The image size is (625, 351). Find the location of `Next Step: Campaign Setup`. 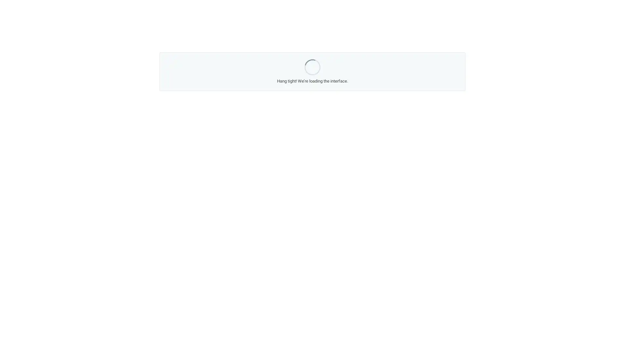

Next Step: Campaign Setup is located at coordinates (365, 231).